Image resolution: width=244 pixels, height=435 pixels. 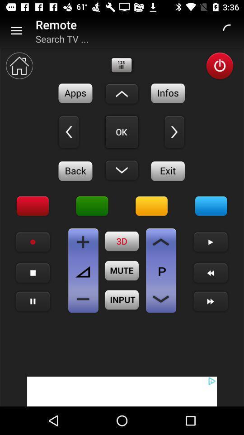 I want to click on the expand_less icon, so click(x=122, y=94).